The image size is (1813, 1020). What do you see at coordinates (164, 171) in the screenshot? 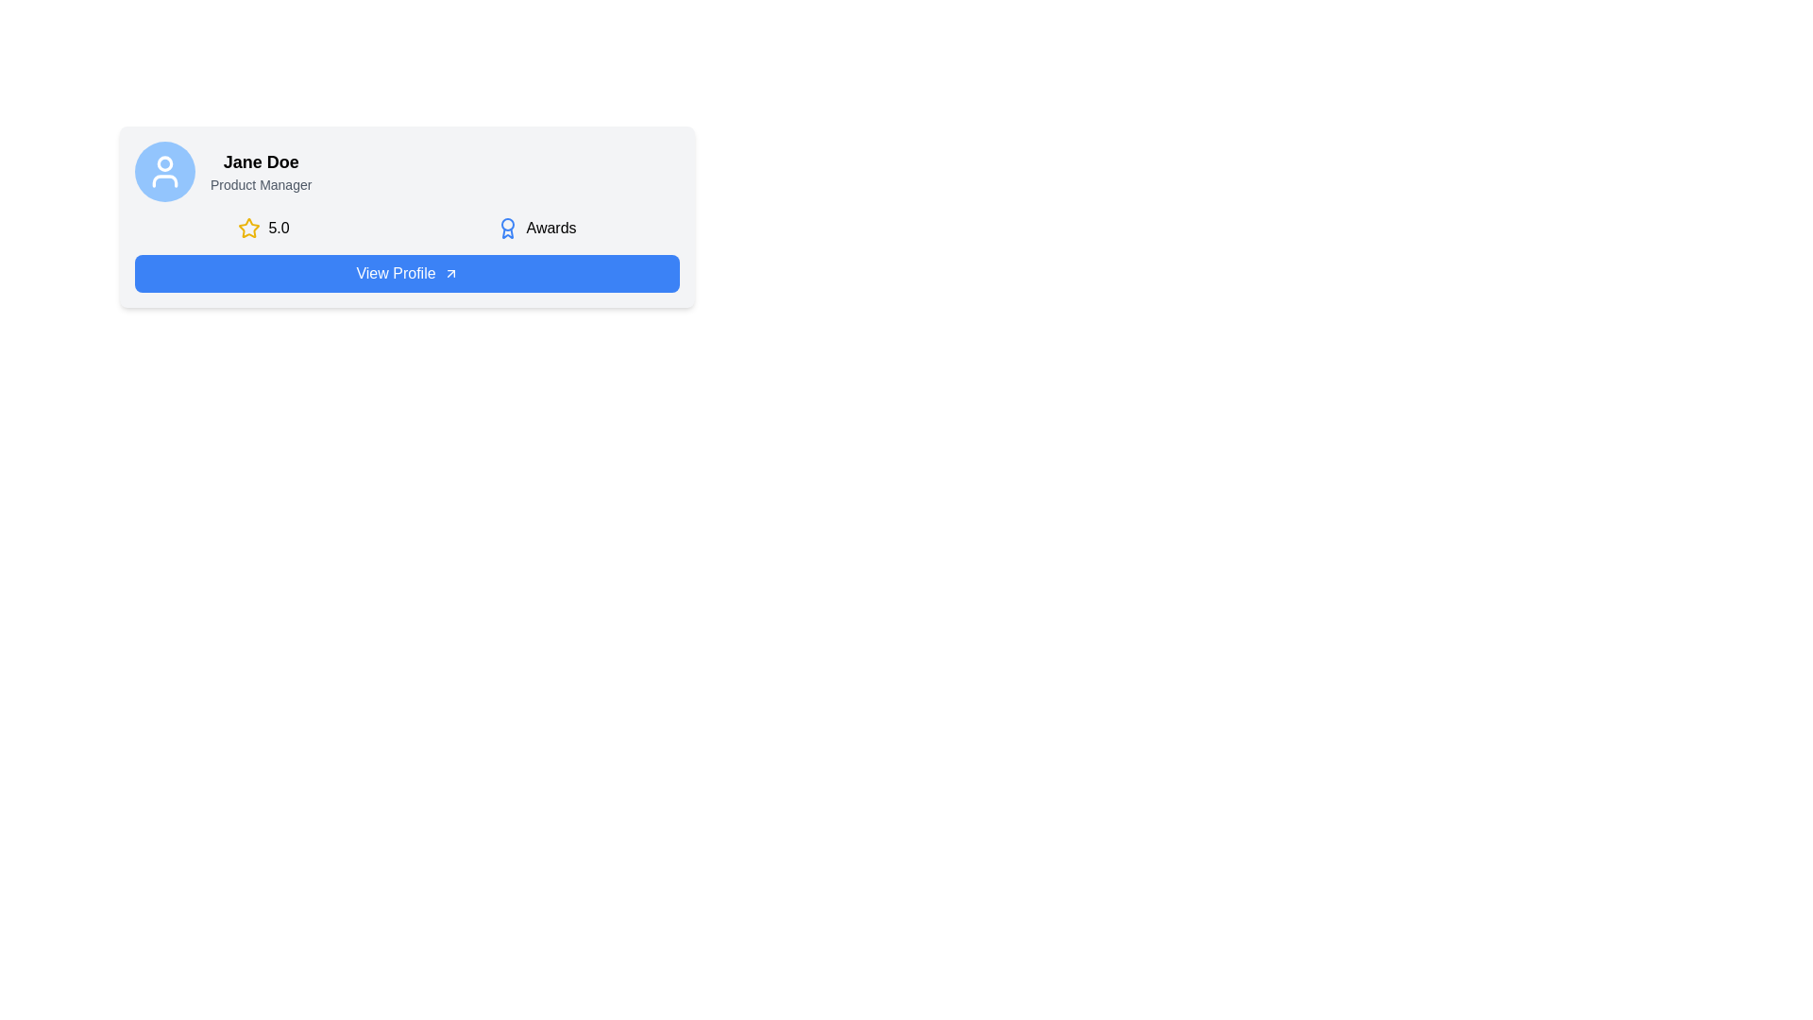
I see `the user silhouette icon, which is white on a transparent background, located at the top-left corner of a card containing information about 'Jane Doe'` at bounding box center [164, 171].